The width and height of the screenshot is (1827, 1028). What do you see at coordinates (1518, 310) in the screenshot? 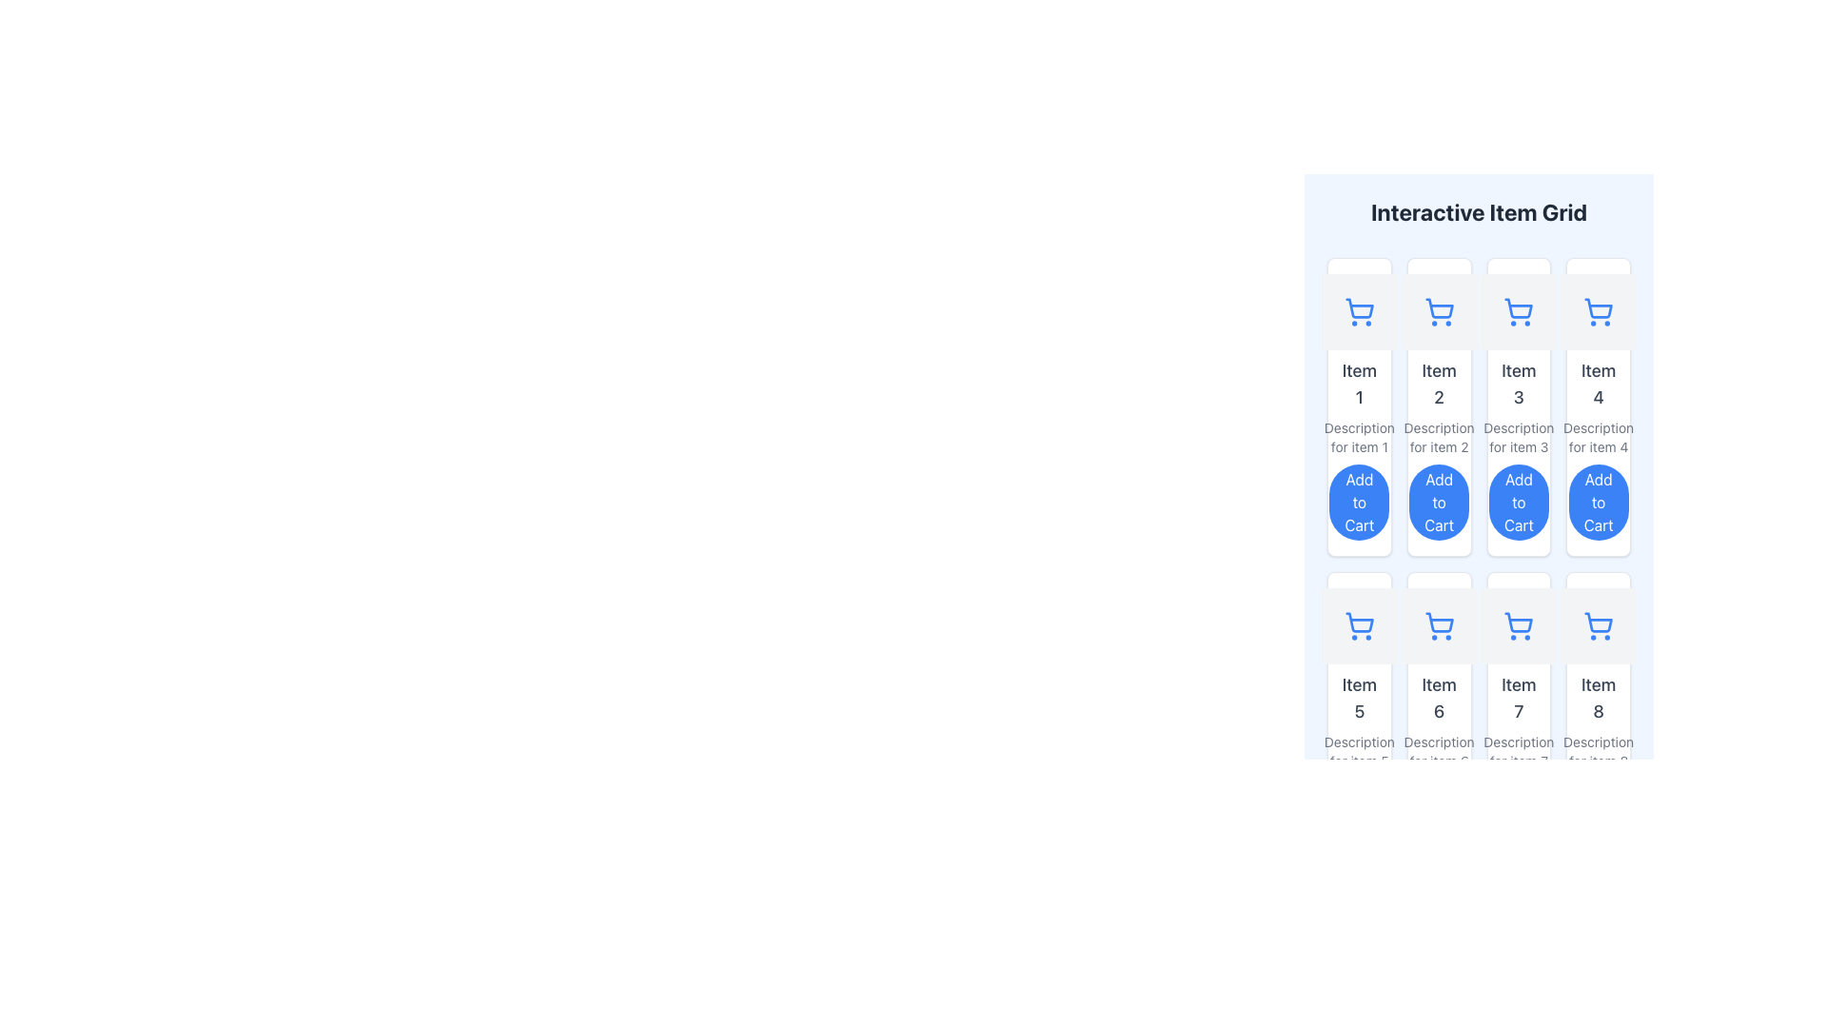
I see `the shopping cart icon located in the third column of the top row of the interactive grid` at bounding box center [1518, 310].